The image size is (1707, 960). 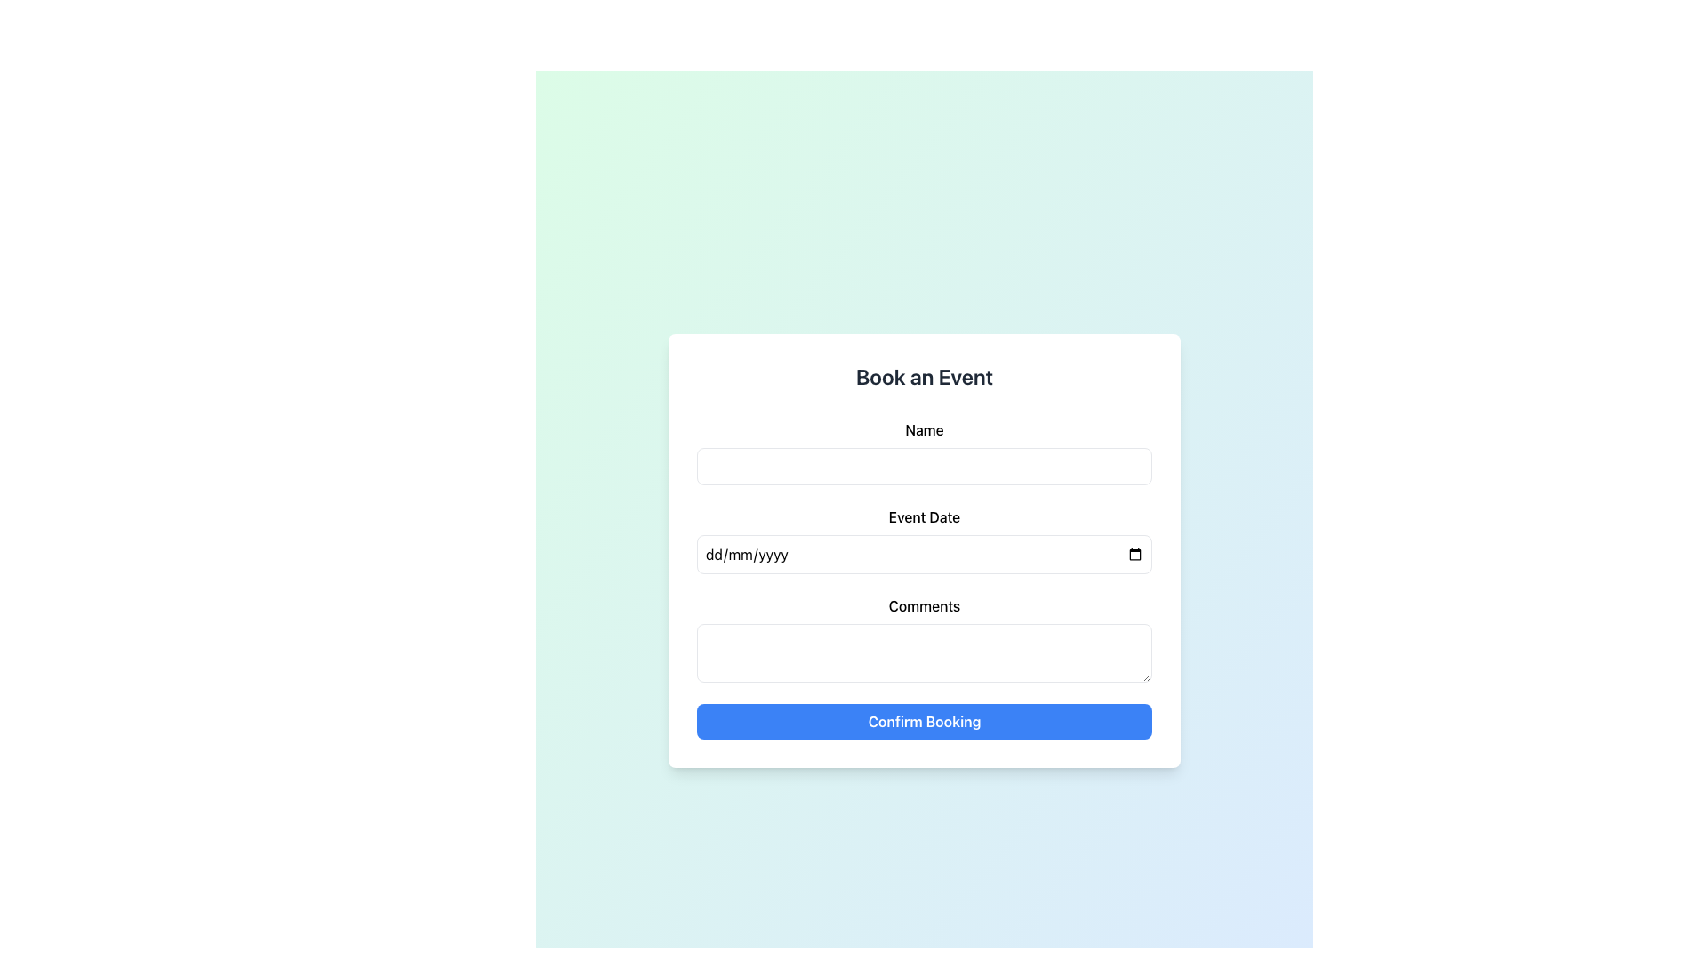 I want to click on the Date Input Field, which is the second section below the 'Name' section and above the 'Comments' section, so click(x=925, y=540).